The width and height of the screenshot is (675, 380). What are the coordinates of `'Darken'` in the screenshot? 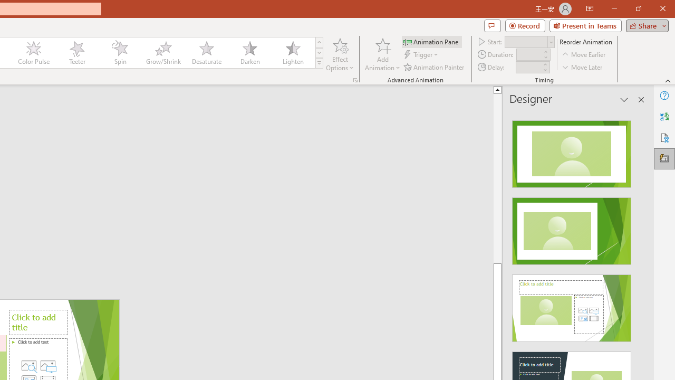 It's located at (249, 53).